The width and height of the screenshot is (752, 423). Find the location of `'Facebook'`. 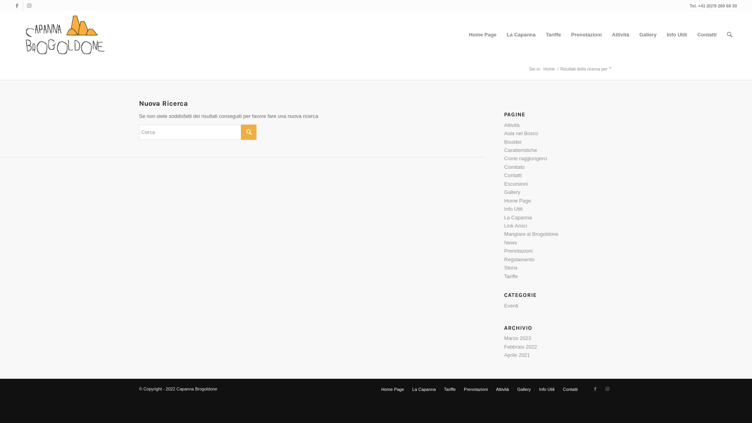

'Facebook' is located at coordinates (589, 389).